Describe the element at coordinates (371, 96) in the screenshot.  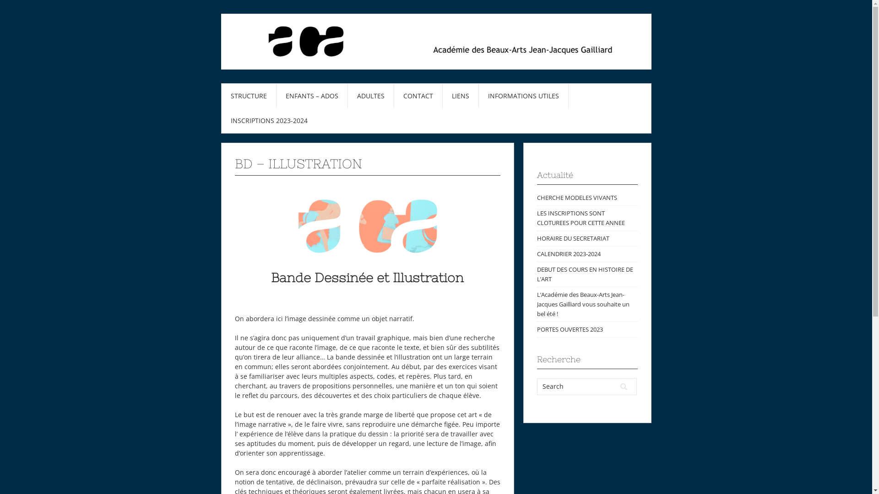
I see `'ADULTES'` at that location.